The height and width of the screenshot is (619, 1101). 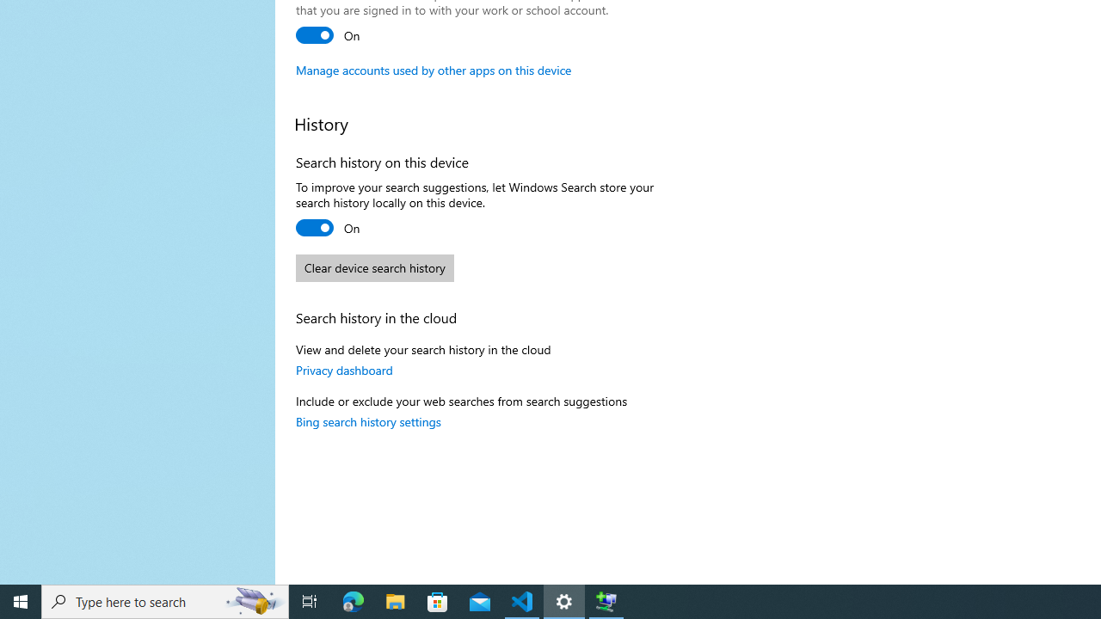 I want to click on 'Bing search history settings', so click(x=367, y=420).